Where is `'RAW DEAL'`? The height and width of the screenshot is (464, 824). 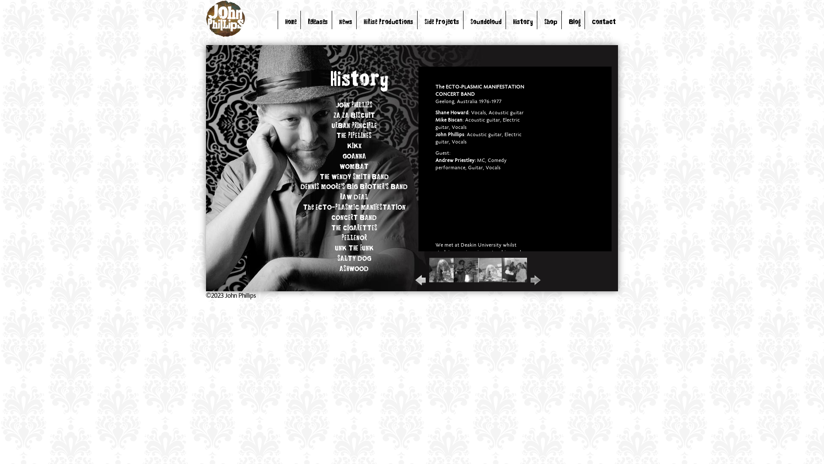
'RAW DEAL' is located at coordinates (354, 197).